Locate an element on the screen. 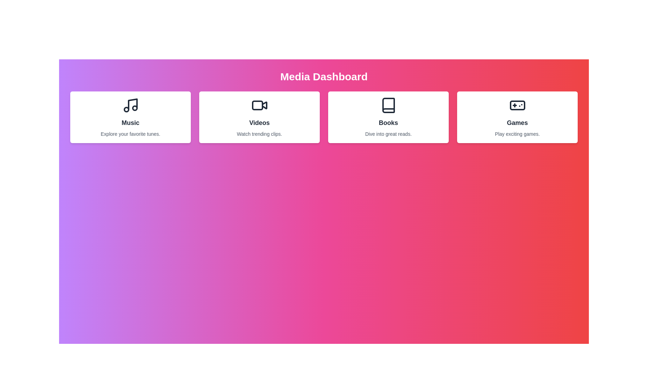  the small filled circular graphic shape of the music note icon located in the top-left card labeled 'Music' on the dashboard is located at coordinates (126, 109).